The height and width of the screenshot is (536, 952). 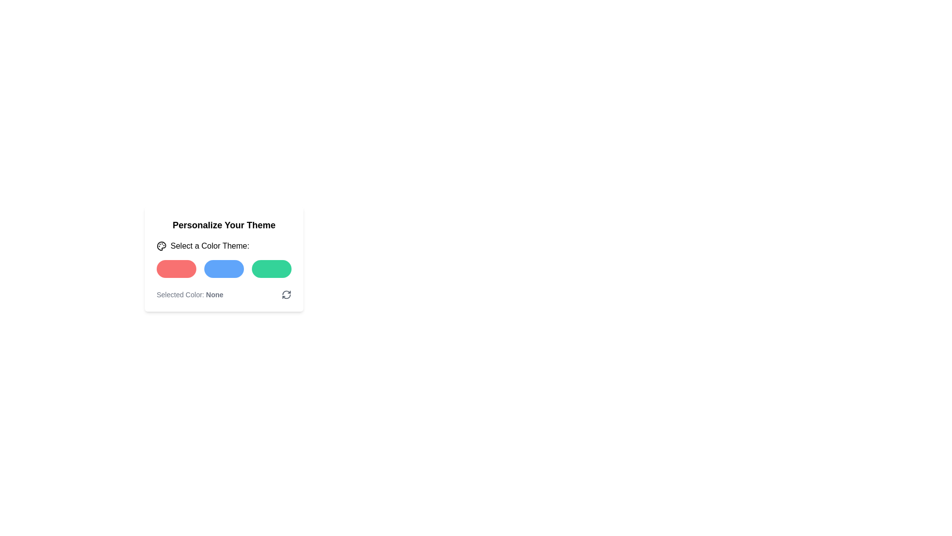 I want to click on the middle circular button in the bottom-center of the interface section, so click(x=223, y=269).